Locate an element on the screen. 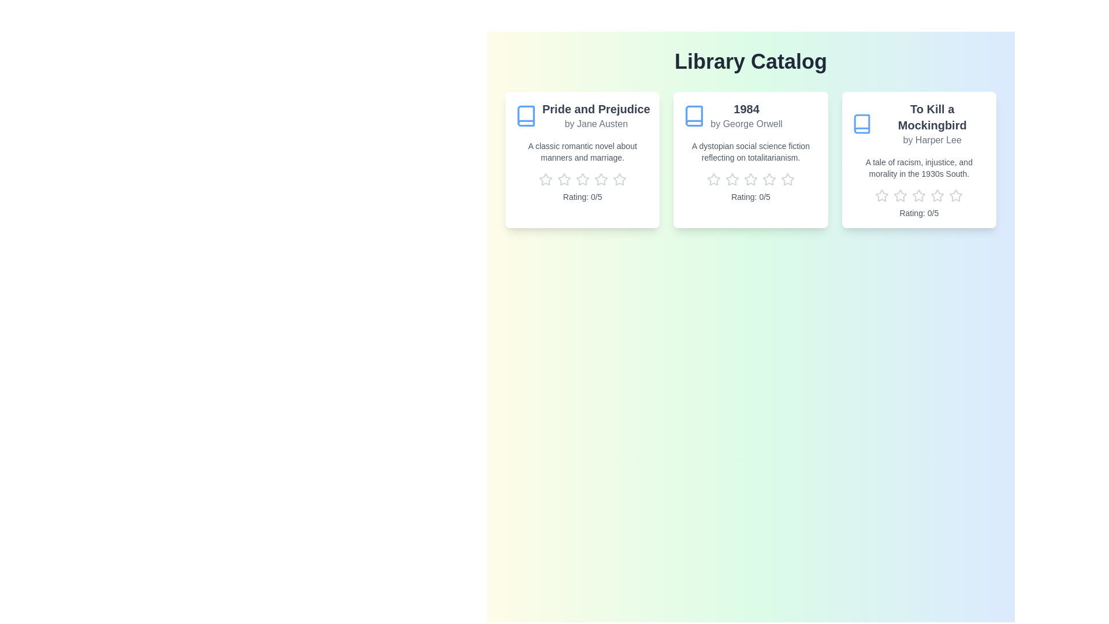 The image size is (1109, 624). the rating of the book 'To Kill a Mockingbird' to 3 stars by clicking the corresponding star is located at coordinates (918, 195).